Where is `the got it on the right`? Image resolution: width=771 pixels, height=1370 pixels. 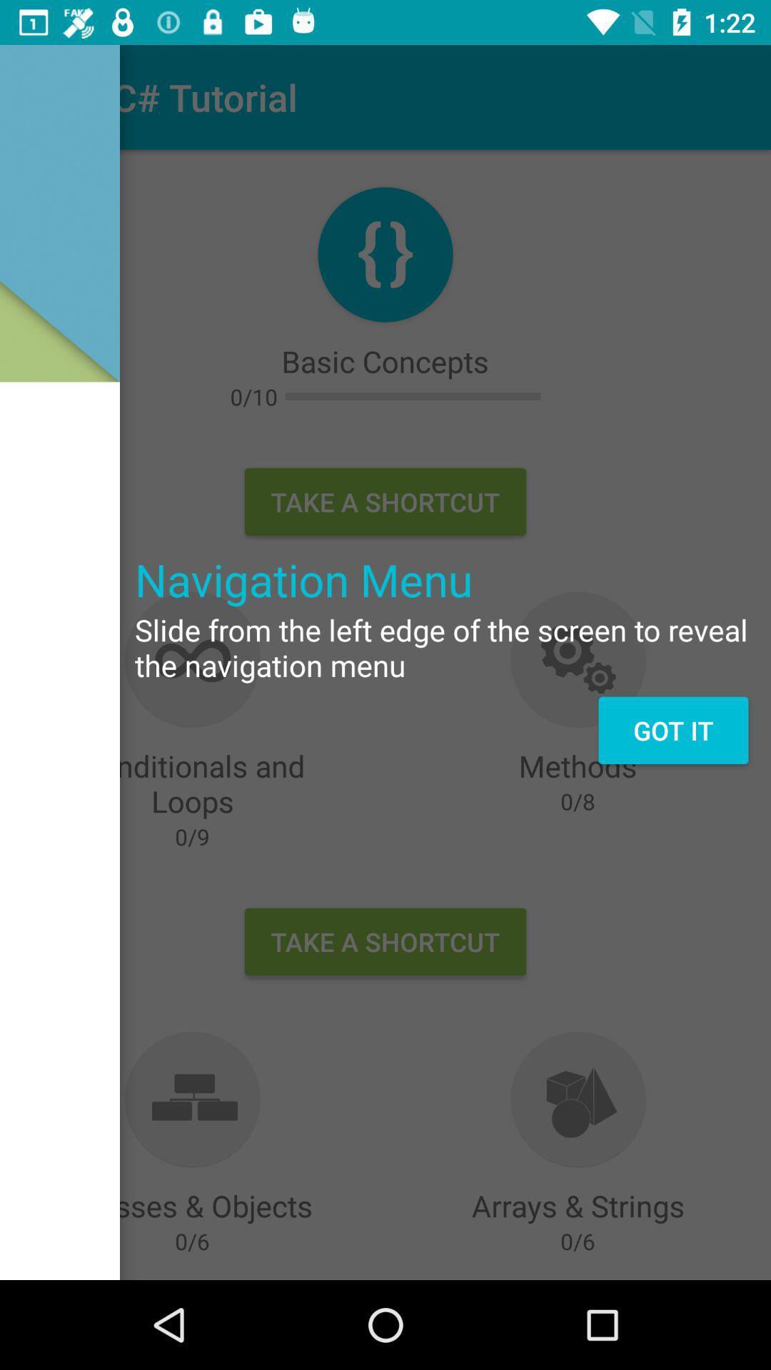 the got it on the right is located at coordinates (673, 730).